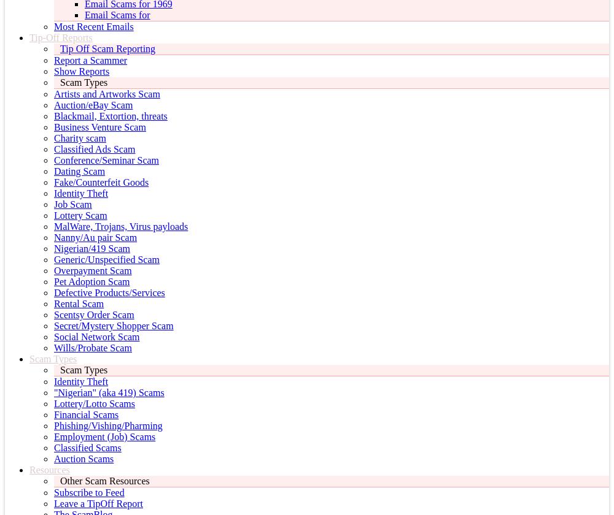 The width and height of the screenshot is (614, 515). Describe the element at coordinates (114, 326) in the screenshot. I see `'Secret/Mystery Shopper Scam'` at that location.